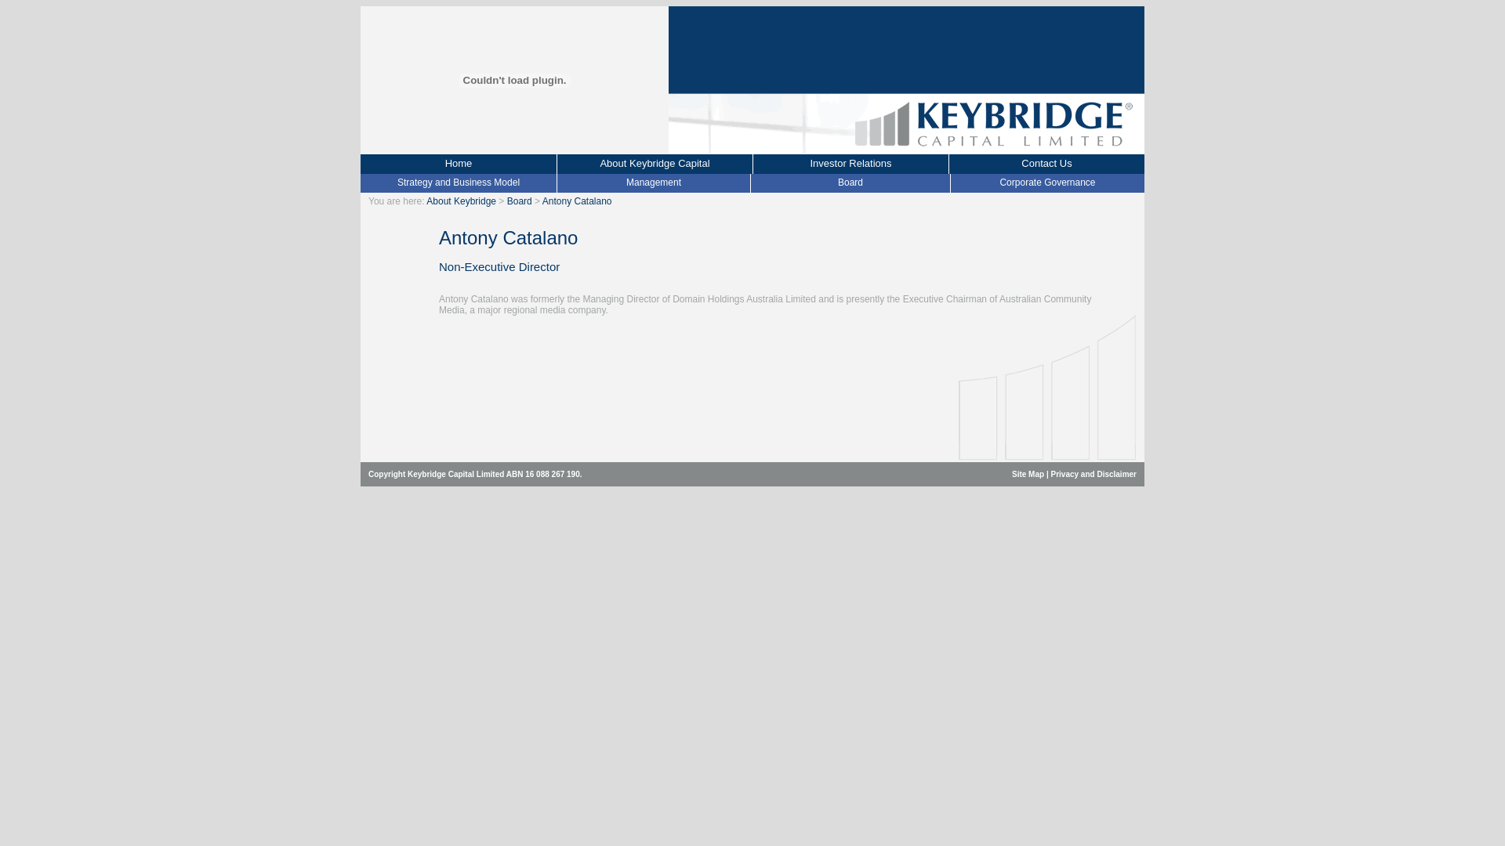 The image size is (1505, 846). What do you see at coordinates (1046, 181) in the screenshot?
I see `'Corporate Governance'` at bounding box center [1046, 181].